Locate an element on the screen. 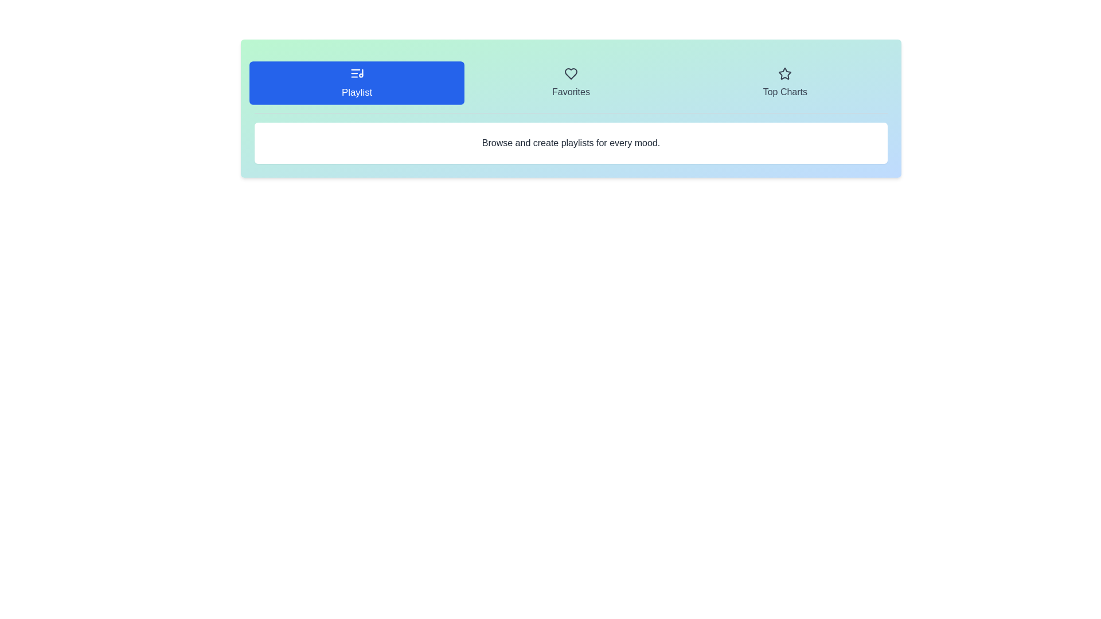 Image resolution: width=1101 pixels, height=619 pixels. the Top Charts tab to view its content is located at coordinates (784, 83).